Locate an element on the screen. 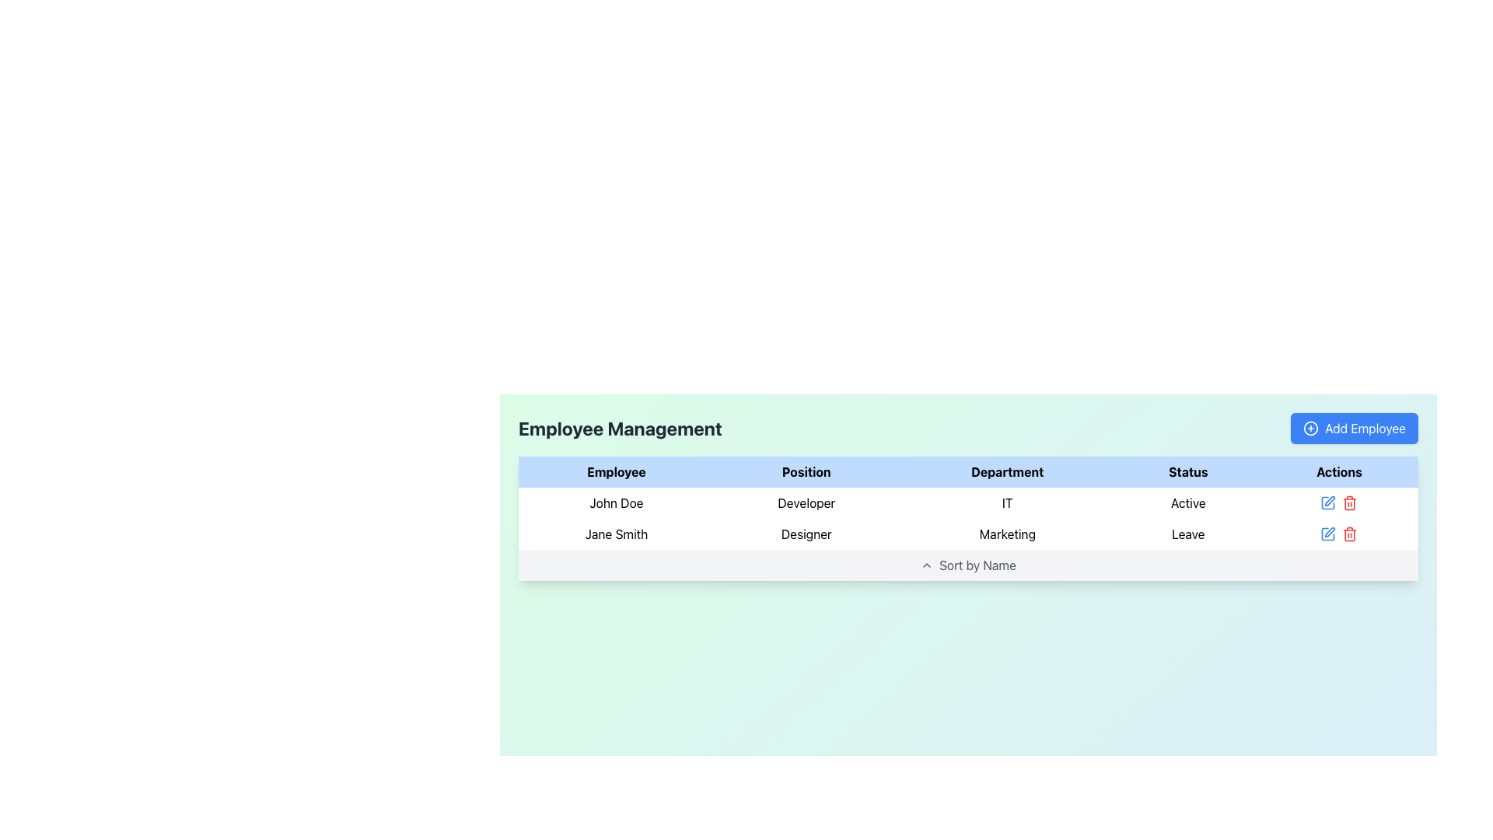  the text label displaying the employment status 'Leave' for Jane Smith in the second row of the table under the 'Status' column is located at coordinates (1187, 533).